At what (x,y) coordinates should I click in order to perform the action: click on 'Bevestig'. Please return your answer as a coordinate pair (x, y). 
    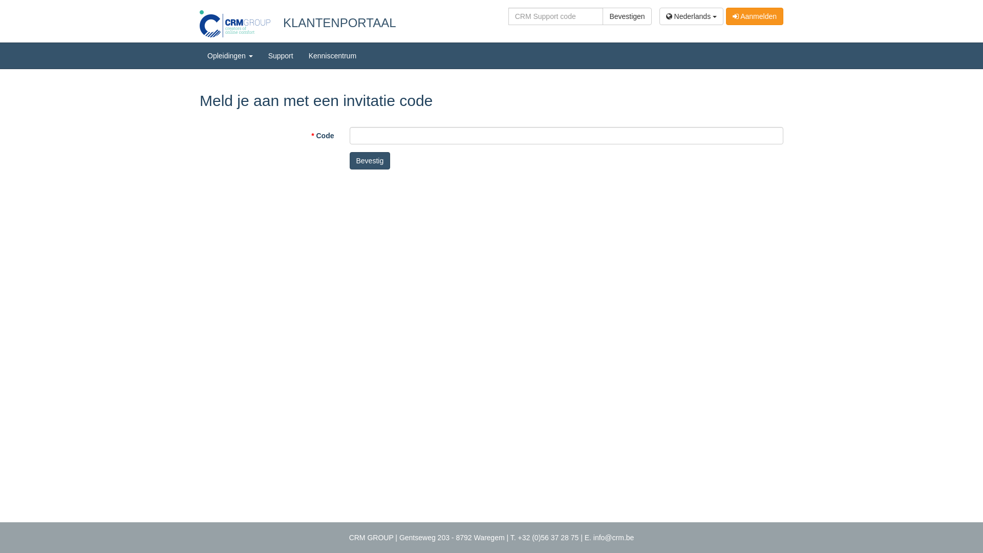
    Looking at the image, I should click on (369, 160).